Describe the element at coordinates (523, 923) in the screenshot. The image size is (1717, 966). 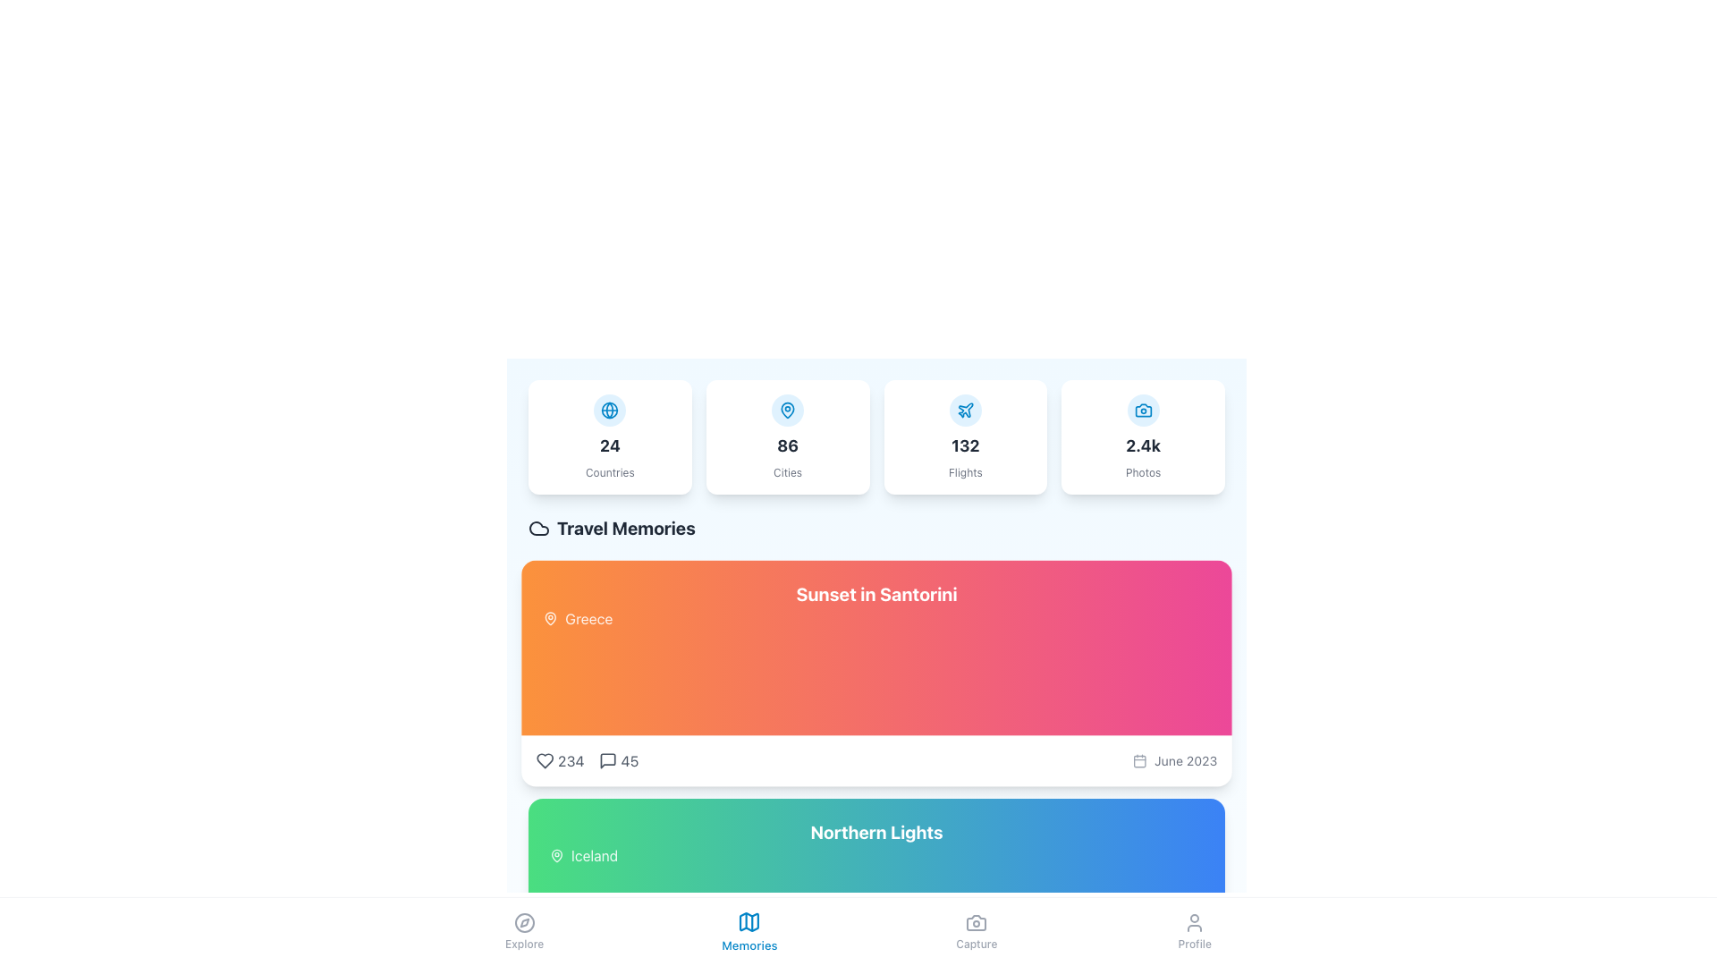
I see `the circular graphical element representing the compass in the Explore tab icon located in the bottom navigation bar of the application's main interface` at that location.